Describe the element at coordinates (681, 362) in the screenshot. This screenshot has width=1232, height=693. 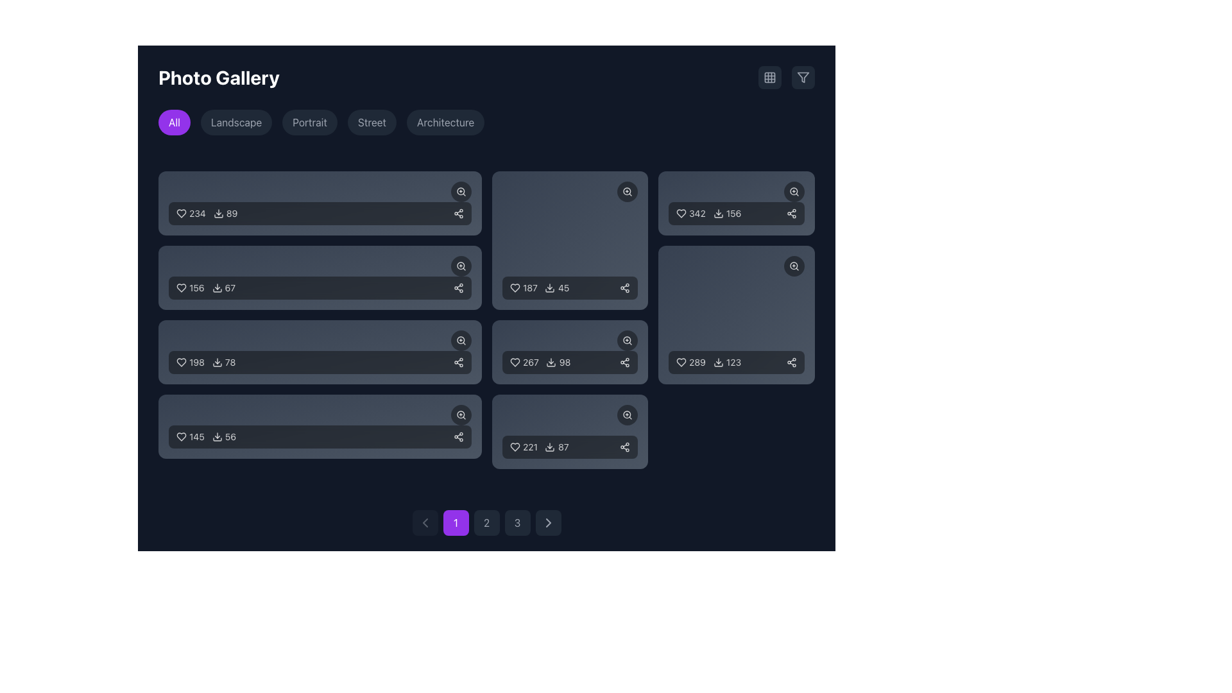
I see `the heart icon representing the 'like' button, which is filled in red and located in the bottom row, second card from the right in the grid layout` at that location.